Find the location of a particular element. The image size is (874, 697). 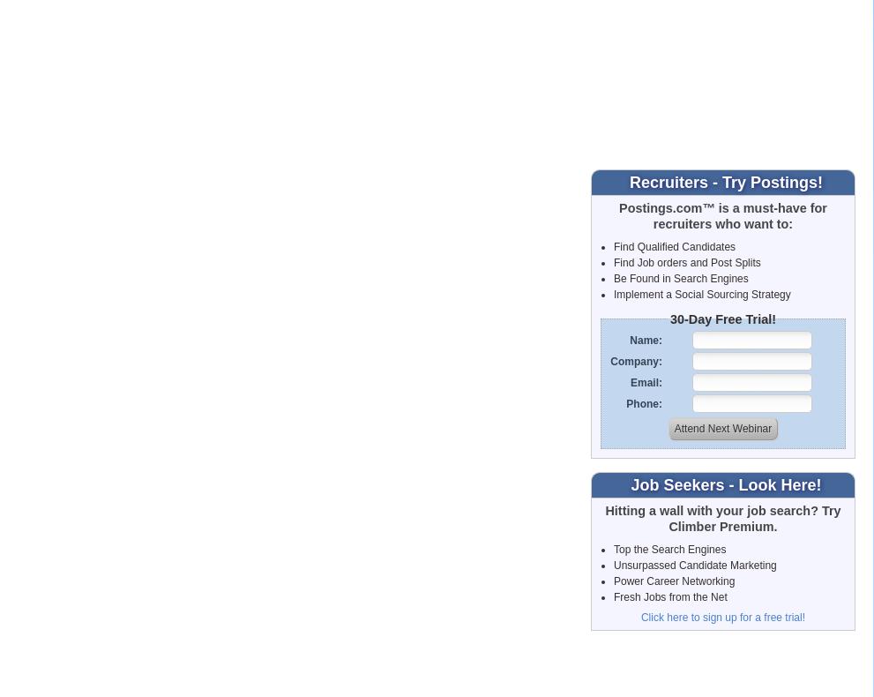

'Find Job orders and Post Splits' is located at coordinates (613, 260).